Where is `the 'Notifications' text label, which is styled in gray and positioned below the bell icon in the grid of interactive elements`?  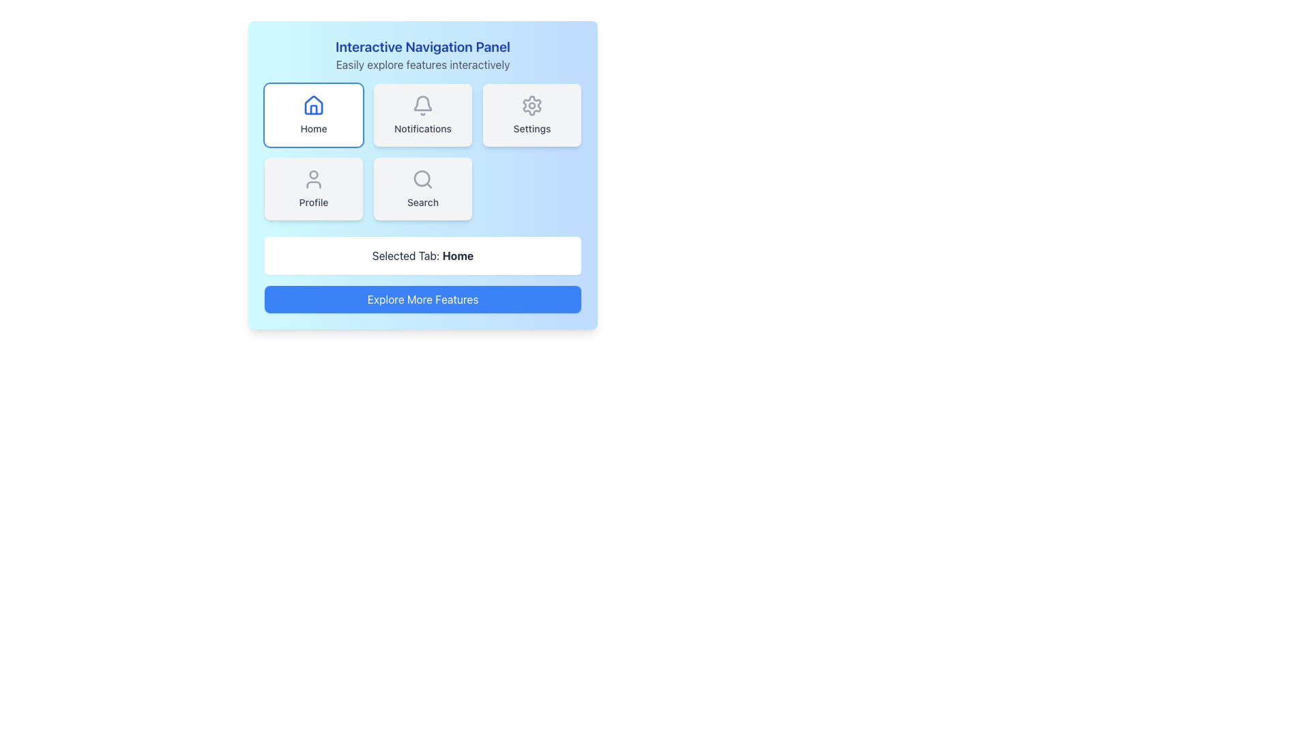
the 'Notifications' text label, which is styled in gray and positioned below the bell icon in the grid of interactive elements is located at coordinates (422, 129).